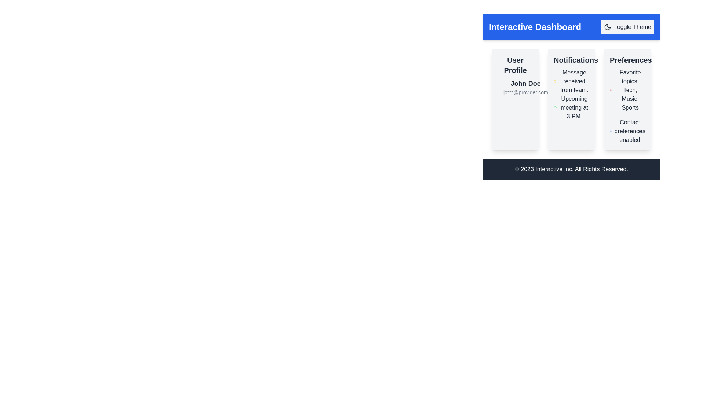 The width and height of the screenshot is (704, 396). I want to click on small moon icon styled with a thin circular outline, which is part of the theme toggle control adjacent to the label 'Toggle Theme', for accessibility tooltips, so click(607, 26).